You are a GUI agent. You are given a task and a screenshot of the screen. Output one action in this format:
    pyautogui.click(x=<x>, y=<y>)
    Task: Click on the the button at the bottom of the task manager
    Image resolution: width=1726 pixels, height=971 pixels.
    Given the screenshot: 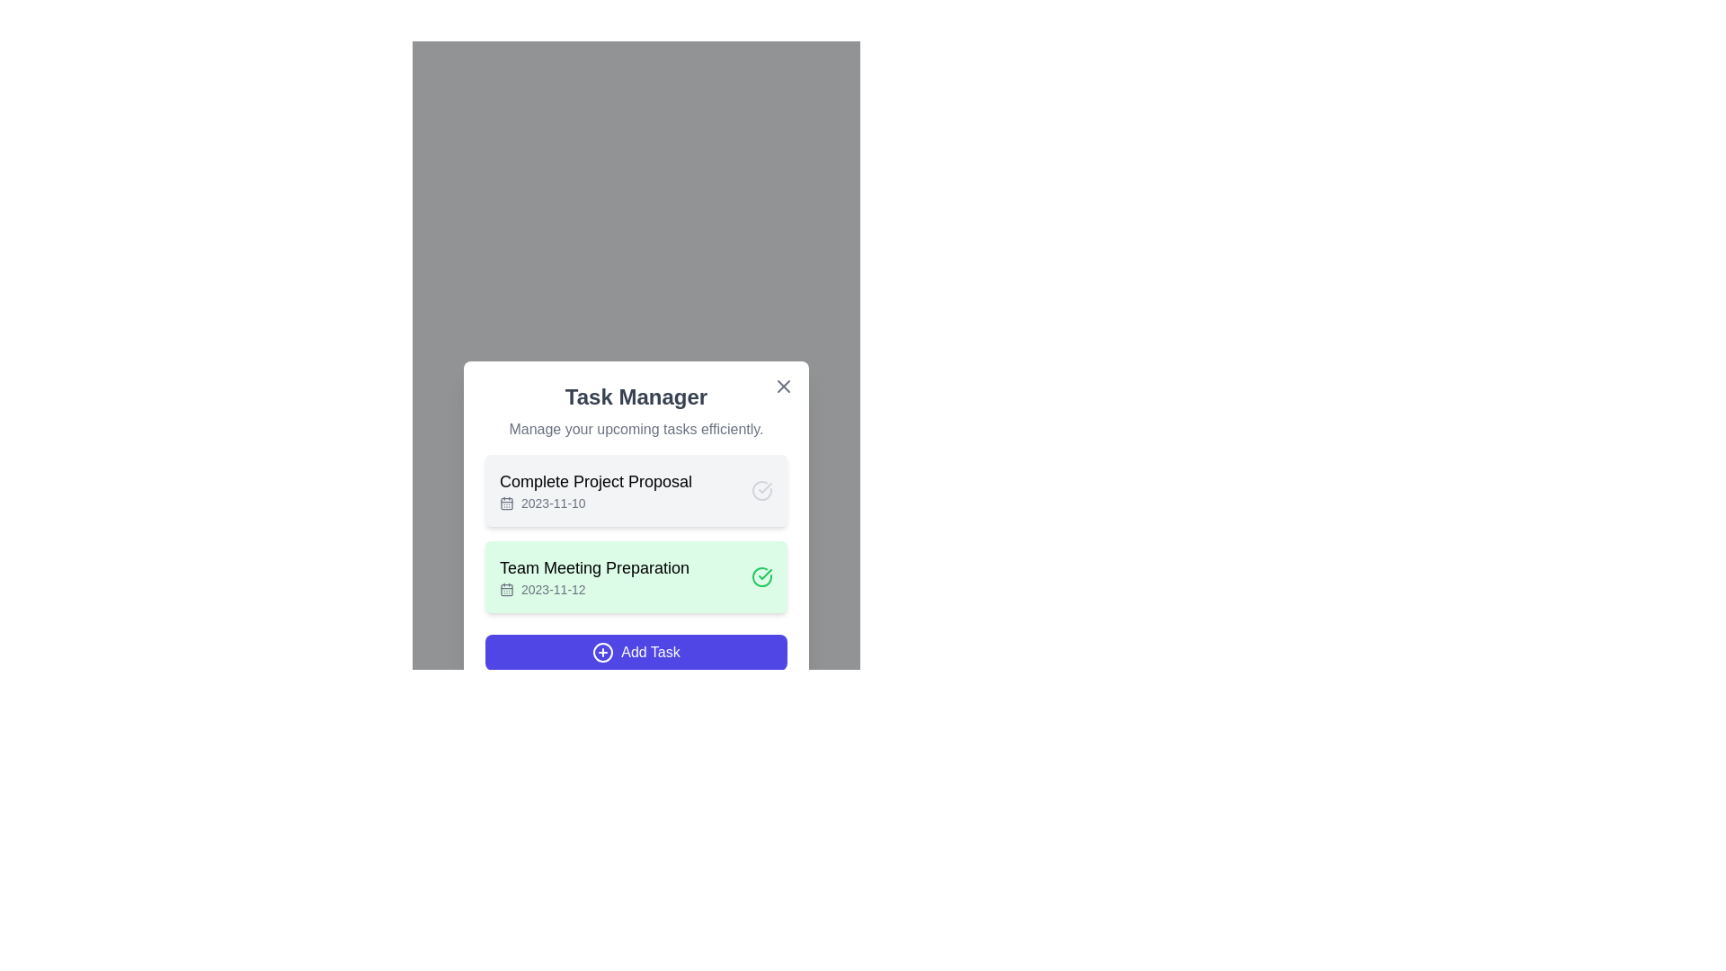 What is the action you would take?
    pyautogui.click(x=636, y=652)
    